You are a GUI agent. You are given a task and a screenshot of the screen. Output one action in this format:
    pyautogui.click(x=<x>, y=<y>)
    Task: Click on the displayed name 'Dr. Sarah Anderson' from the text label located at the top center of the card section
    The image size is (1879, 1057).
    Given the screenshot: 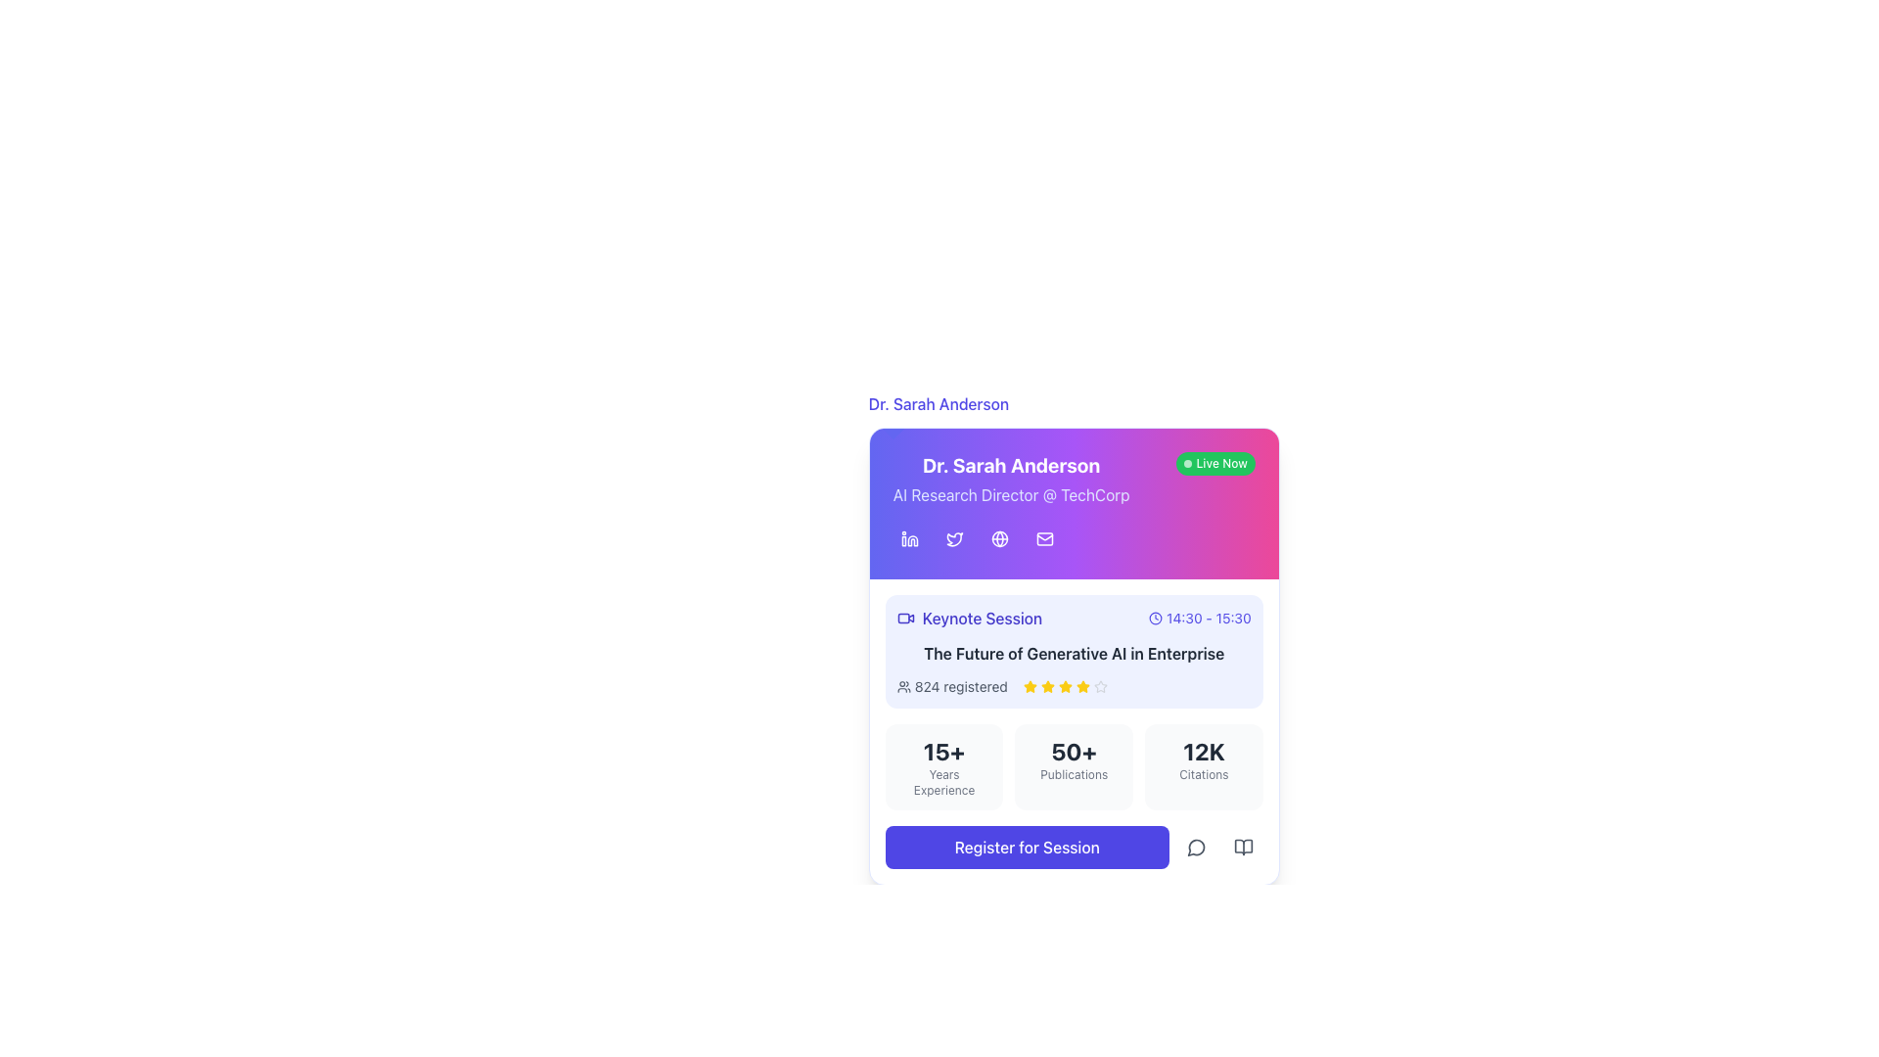 What is the action you would take?
    pyautogui.click(x=1011, y=465)
    